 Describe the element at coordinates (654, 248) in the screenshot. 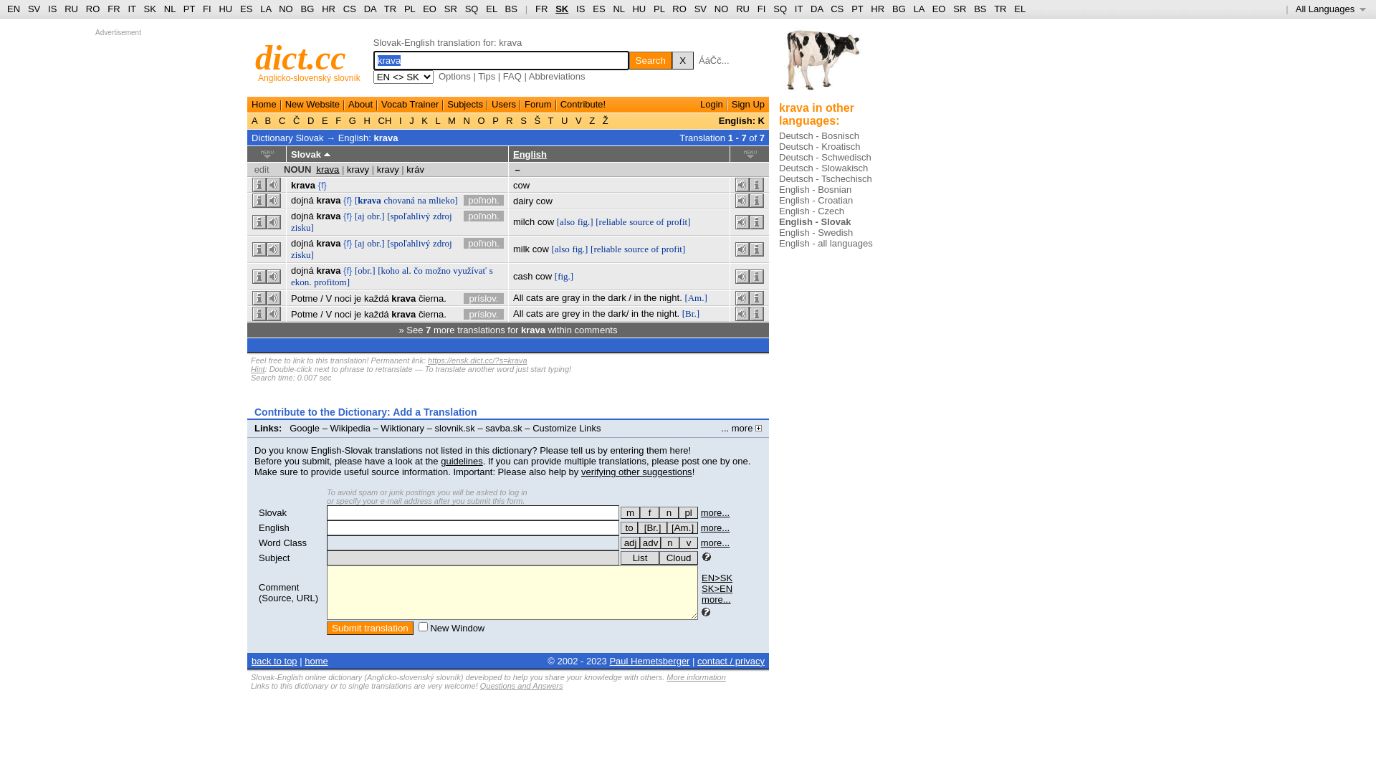

I see `'of'` at that location.